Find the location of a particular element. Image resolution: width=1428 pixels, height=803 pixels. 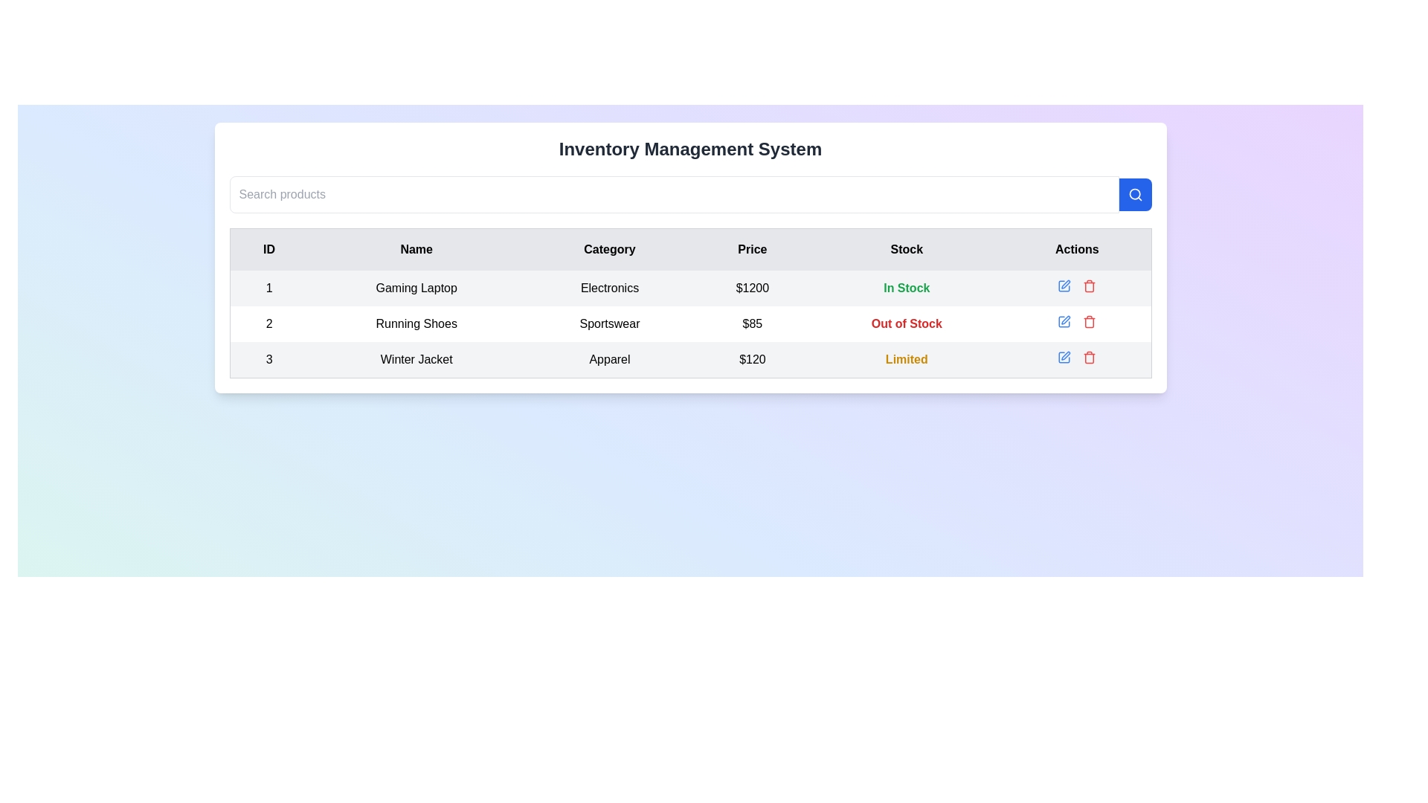

the magnifying glass icon located at the top-right corner of the blue search button to highlight it is located at coordinates (1134, 194).